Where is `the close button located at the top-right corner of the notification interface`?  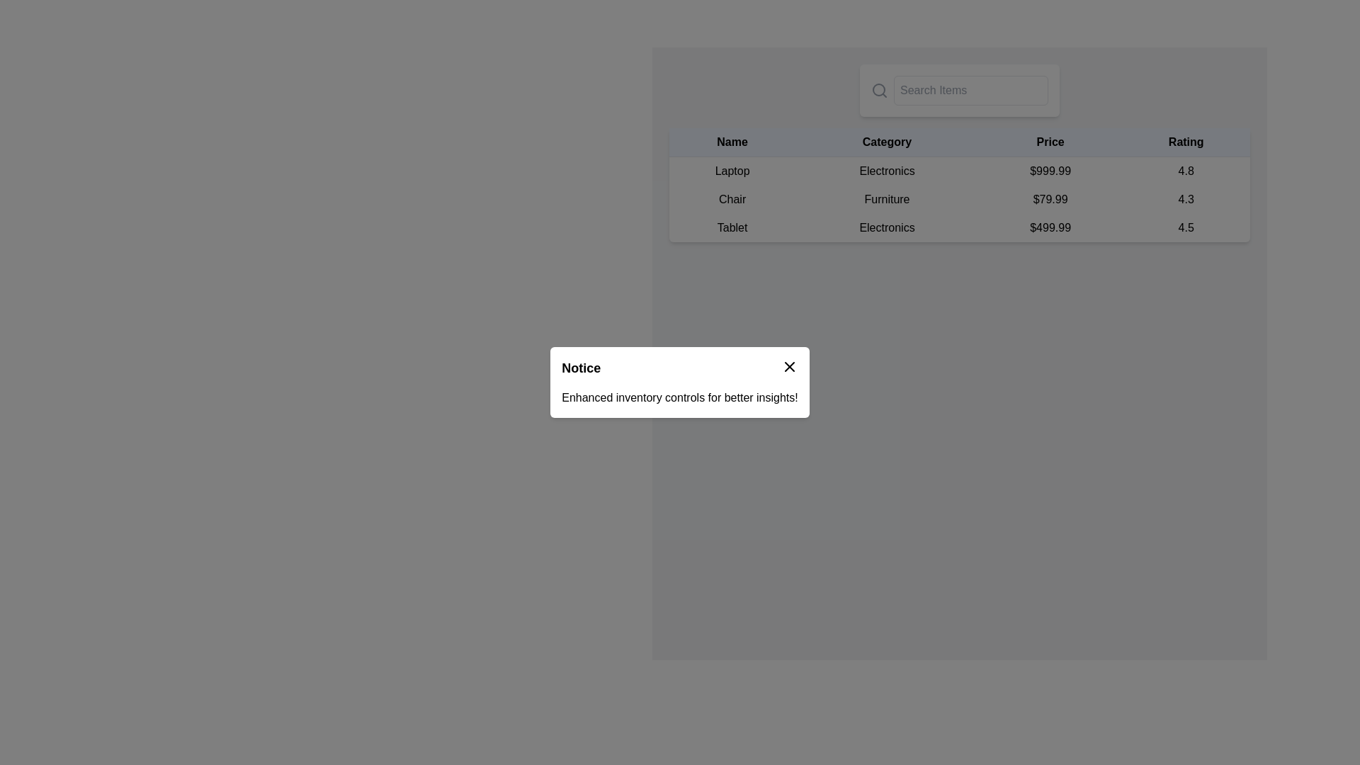 the close button located at the top-right corner of the notification interface is located at coordinates (788, 365).